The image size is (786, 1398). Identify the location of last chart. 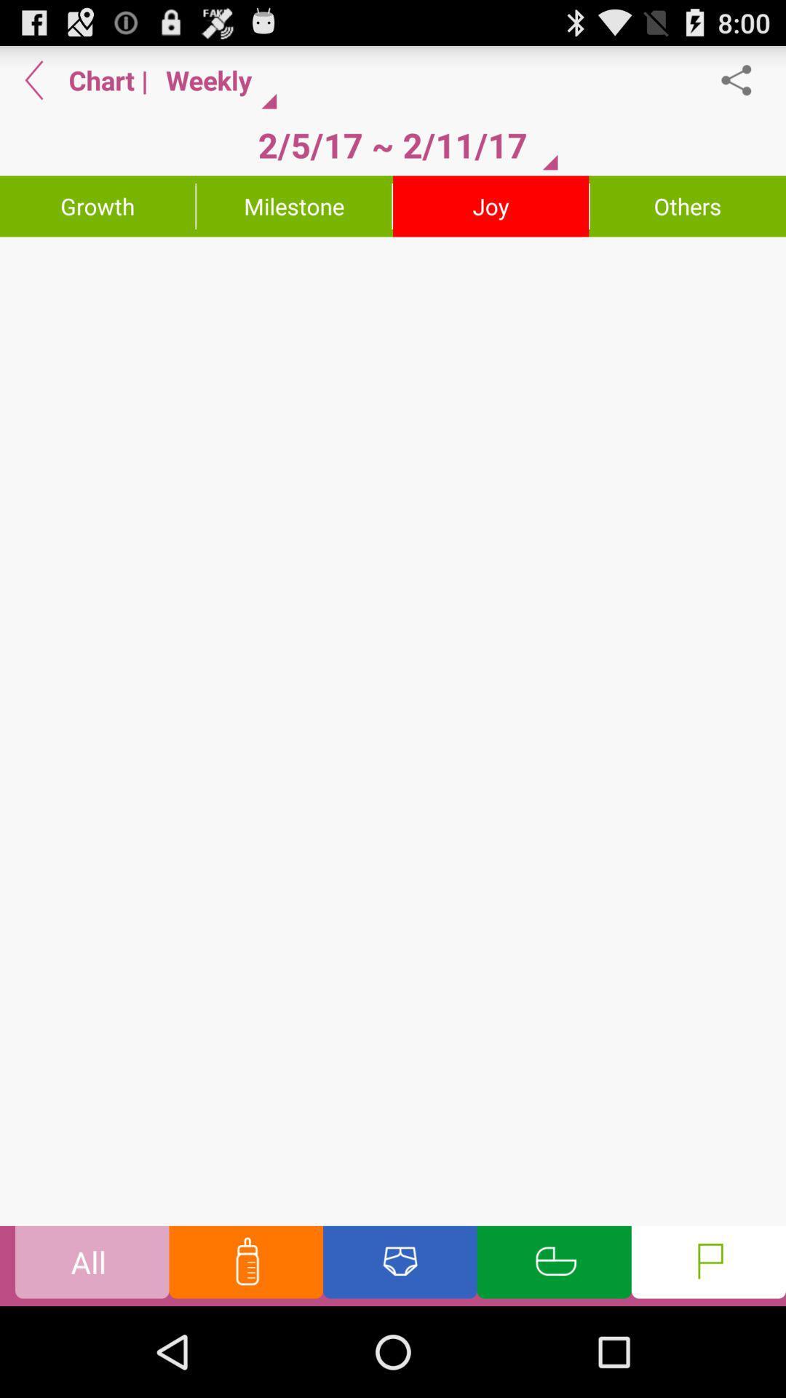
(33, 79).